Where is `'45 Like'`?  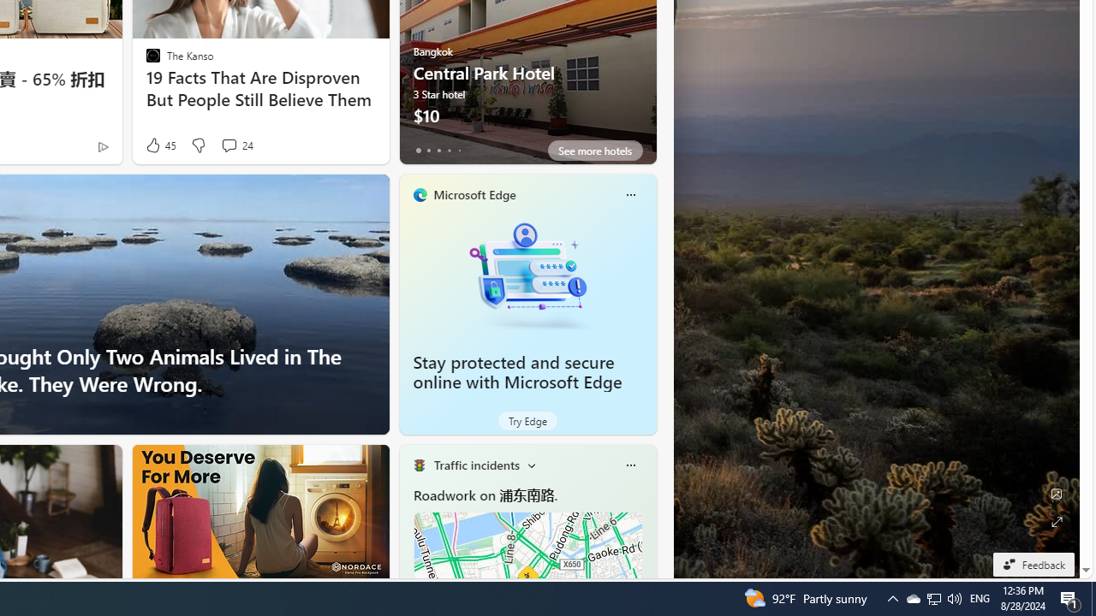 '45 Like' is located at coordinates (159, 145).